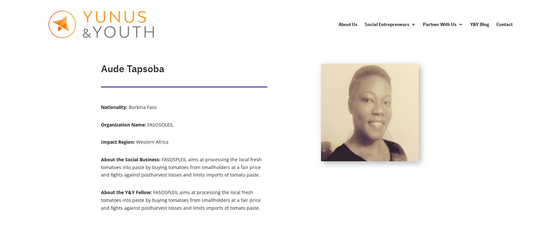  What do you see at coordinates (142, 107) in the screenshot?
I see `'Burkina Faso'` at bounding box center [142, 107].